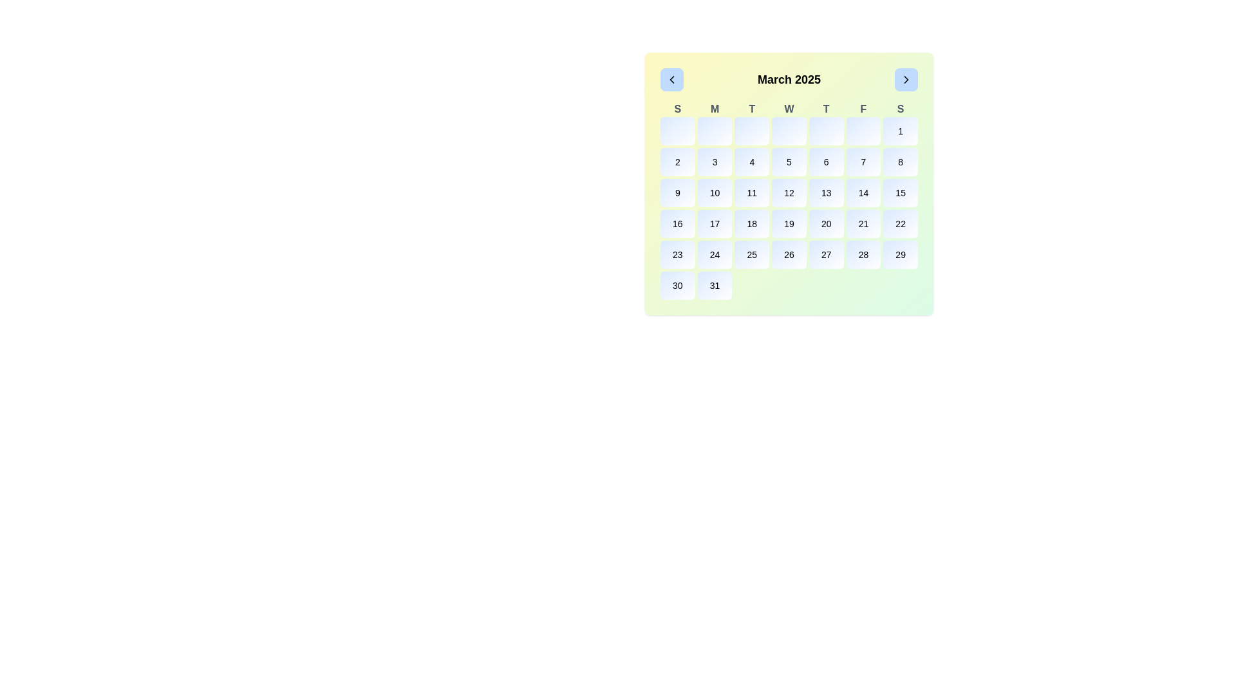 Image resolution: width=1236 pixels, height=695 pixels. I want to click on the Day button representing Wednesday in the calendar grid, so click(752, 131).